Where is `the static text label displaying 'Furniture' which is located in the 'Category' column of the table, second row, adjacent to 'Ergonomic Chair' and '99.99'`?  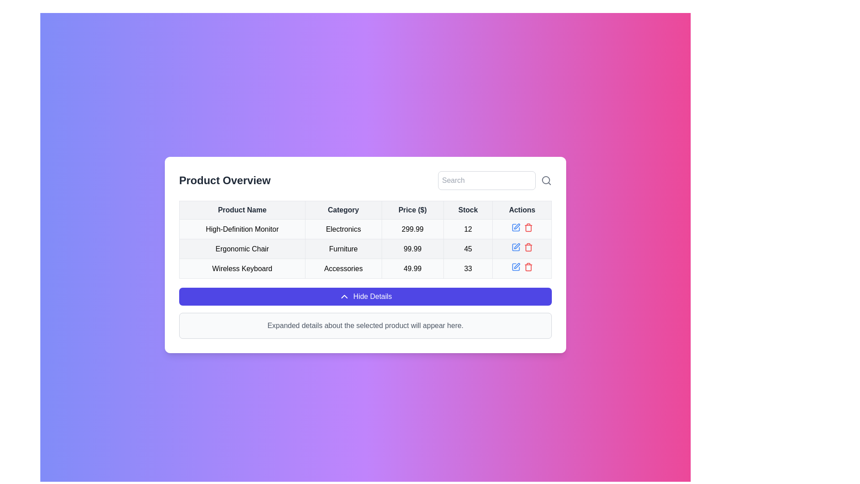
the static text label displaying 'Furniture' which is located in the 'Category' column of the table, second row, adjacent to 'Ergonomic Chair' and '99.99' is located at coordinates (343, 249).